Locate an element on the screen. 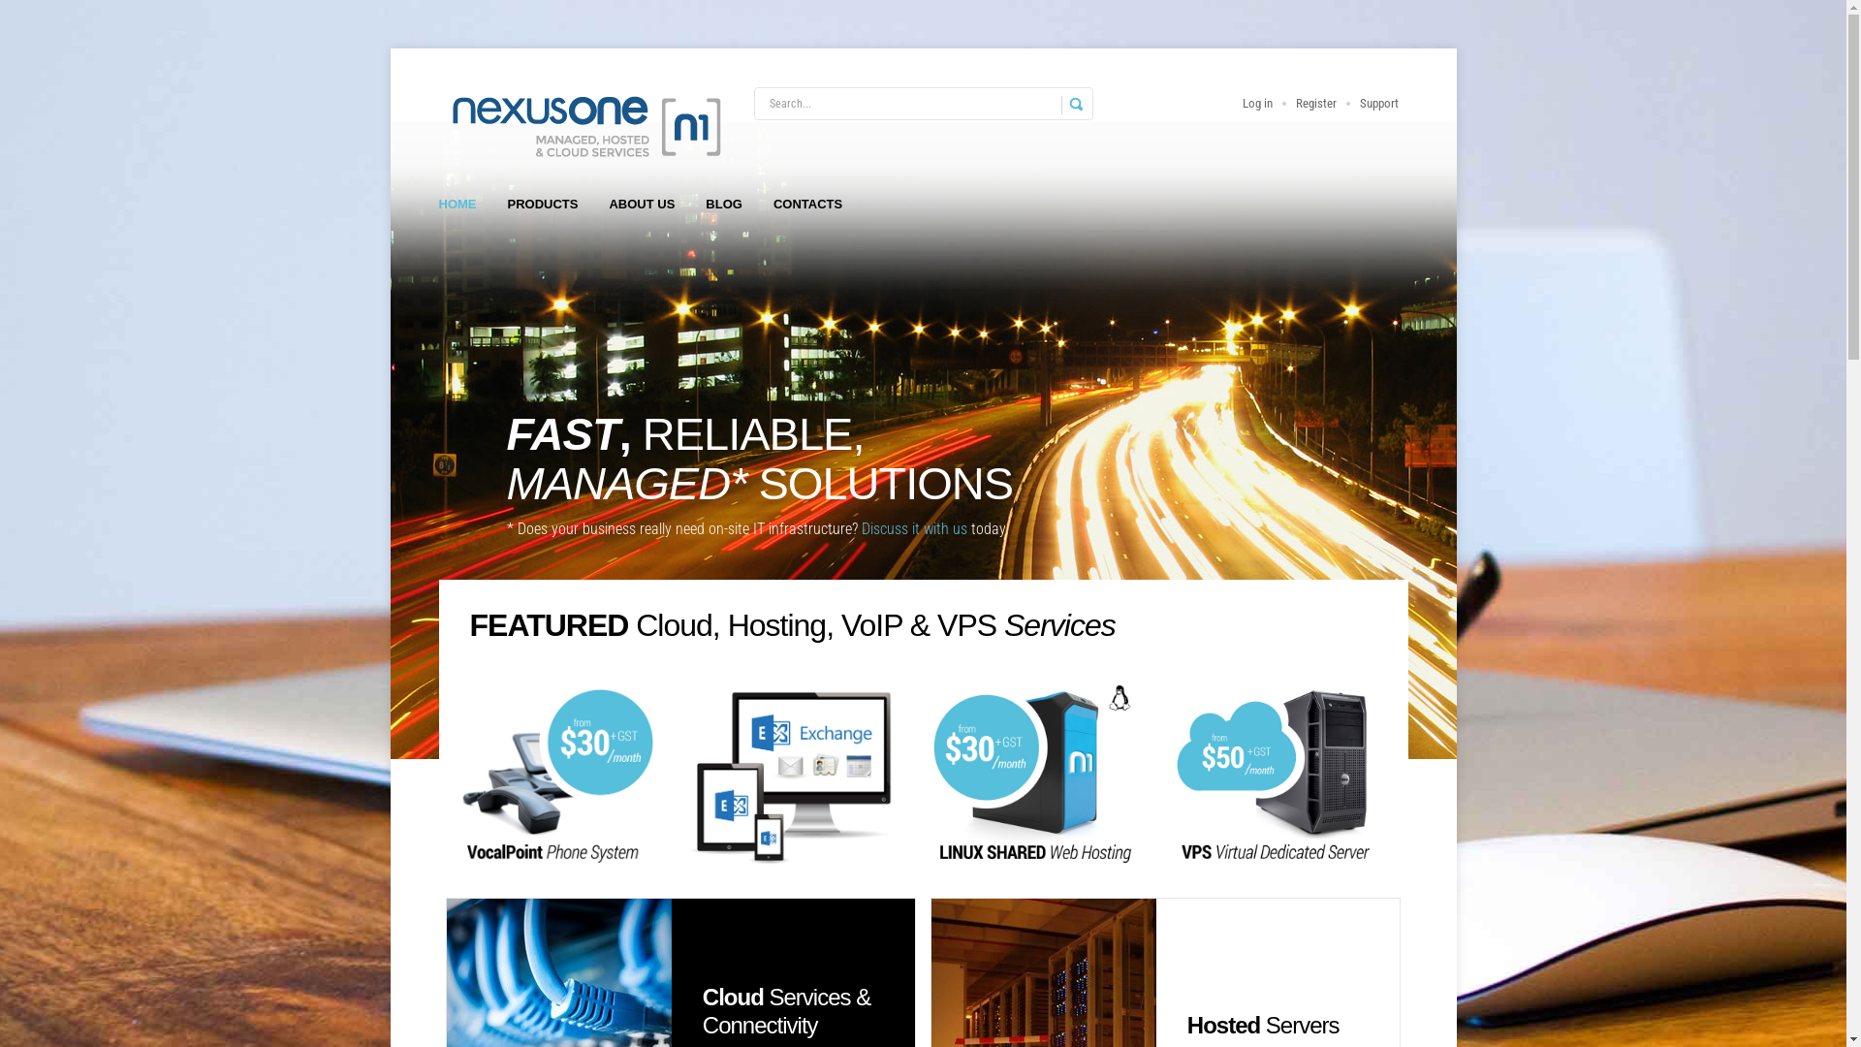 The image size is (1861, 1047). 'BLOG' is located at coordinates (723, 205).